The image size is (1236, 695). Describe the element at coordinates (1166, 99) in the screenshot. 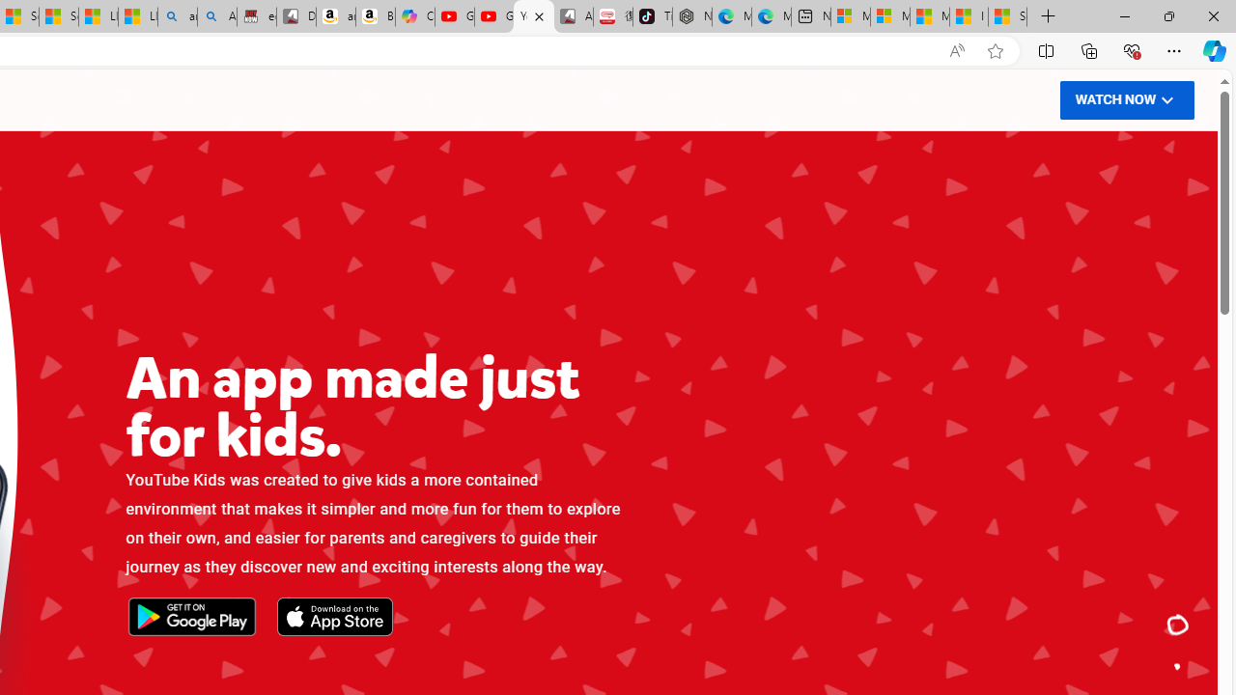

I see `'Class: ytk__arrow-link-icon'` at that location.